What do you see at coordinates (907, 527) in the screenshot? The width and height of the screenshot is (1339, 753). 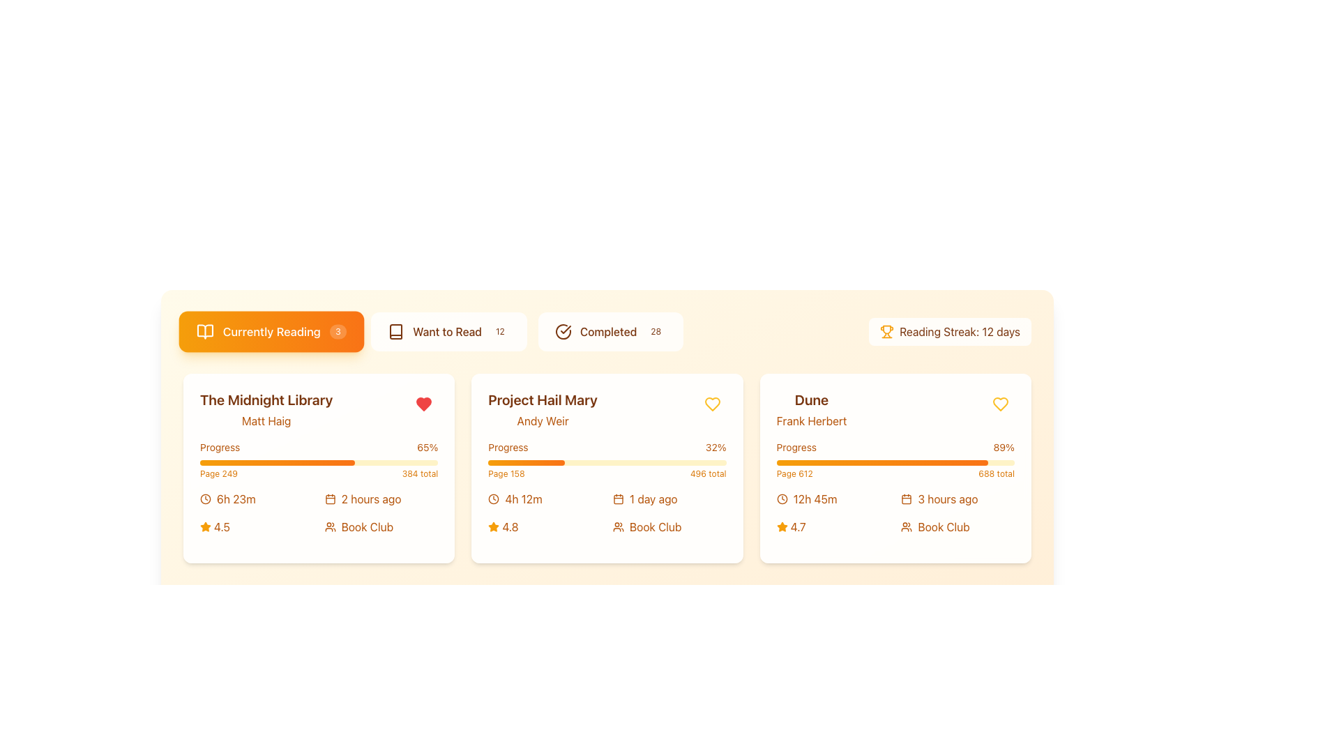 I see `the 'Book Club' icon located` at bounding box center [907, 527].